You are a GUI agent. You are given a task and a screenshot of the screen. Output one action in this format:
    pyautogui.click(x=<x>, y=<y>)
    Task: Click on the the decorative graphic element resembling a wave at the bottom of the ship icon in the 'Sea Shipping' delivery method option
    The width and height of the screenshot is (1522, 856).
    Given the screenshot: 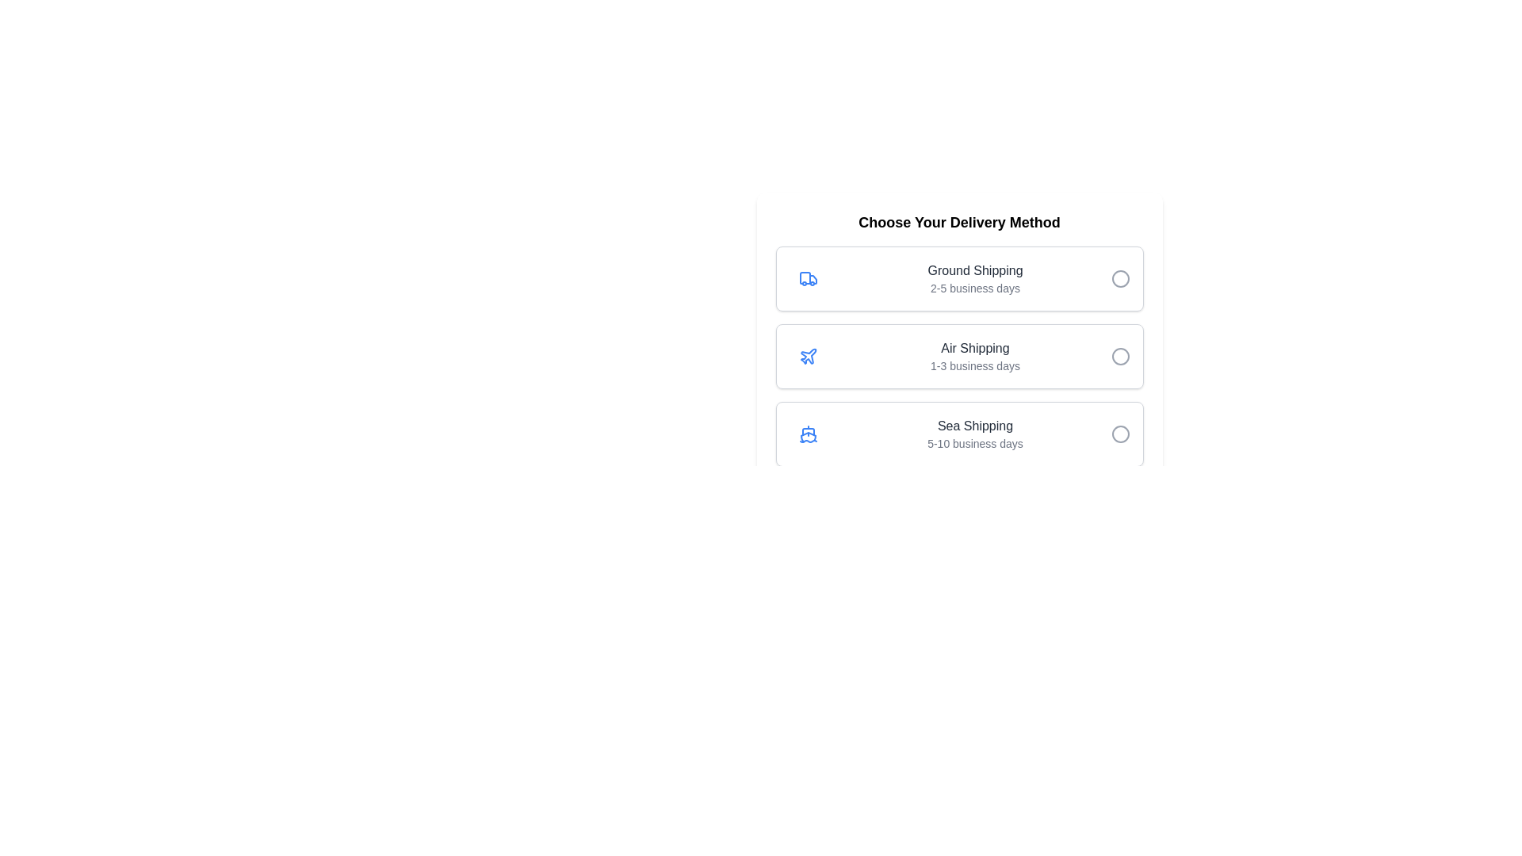 What is the action you would take?
    pyautogui.click(x=808, y=441)
    